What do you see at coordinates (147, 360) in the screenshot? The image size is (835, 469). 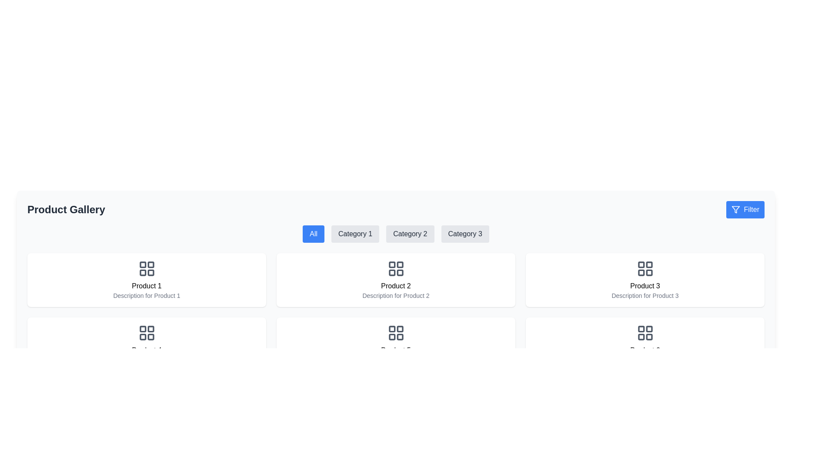 I see `the text label describing the product within the card, located below the title 'Product 4'` at bounding box center [147, 360].